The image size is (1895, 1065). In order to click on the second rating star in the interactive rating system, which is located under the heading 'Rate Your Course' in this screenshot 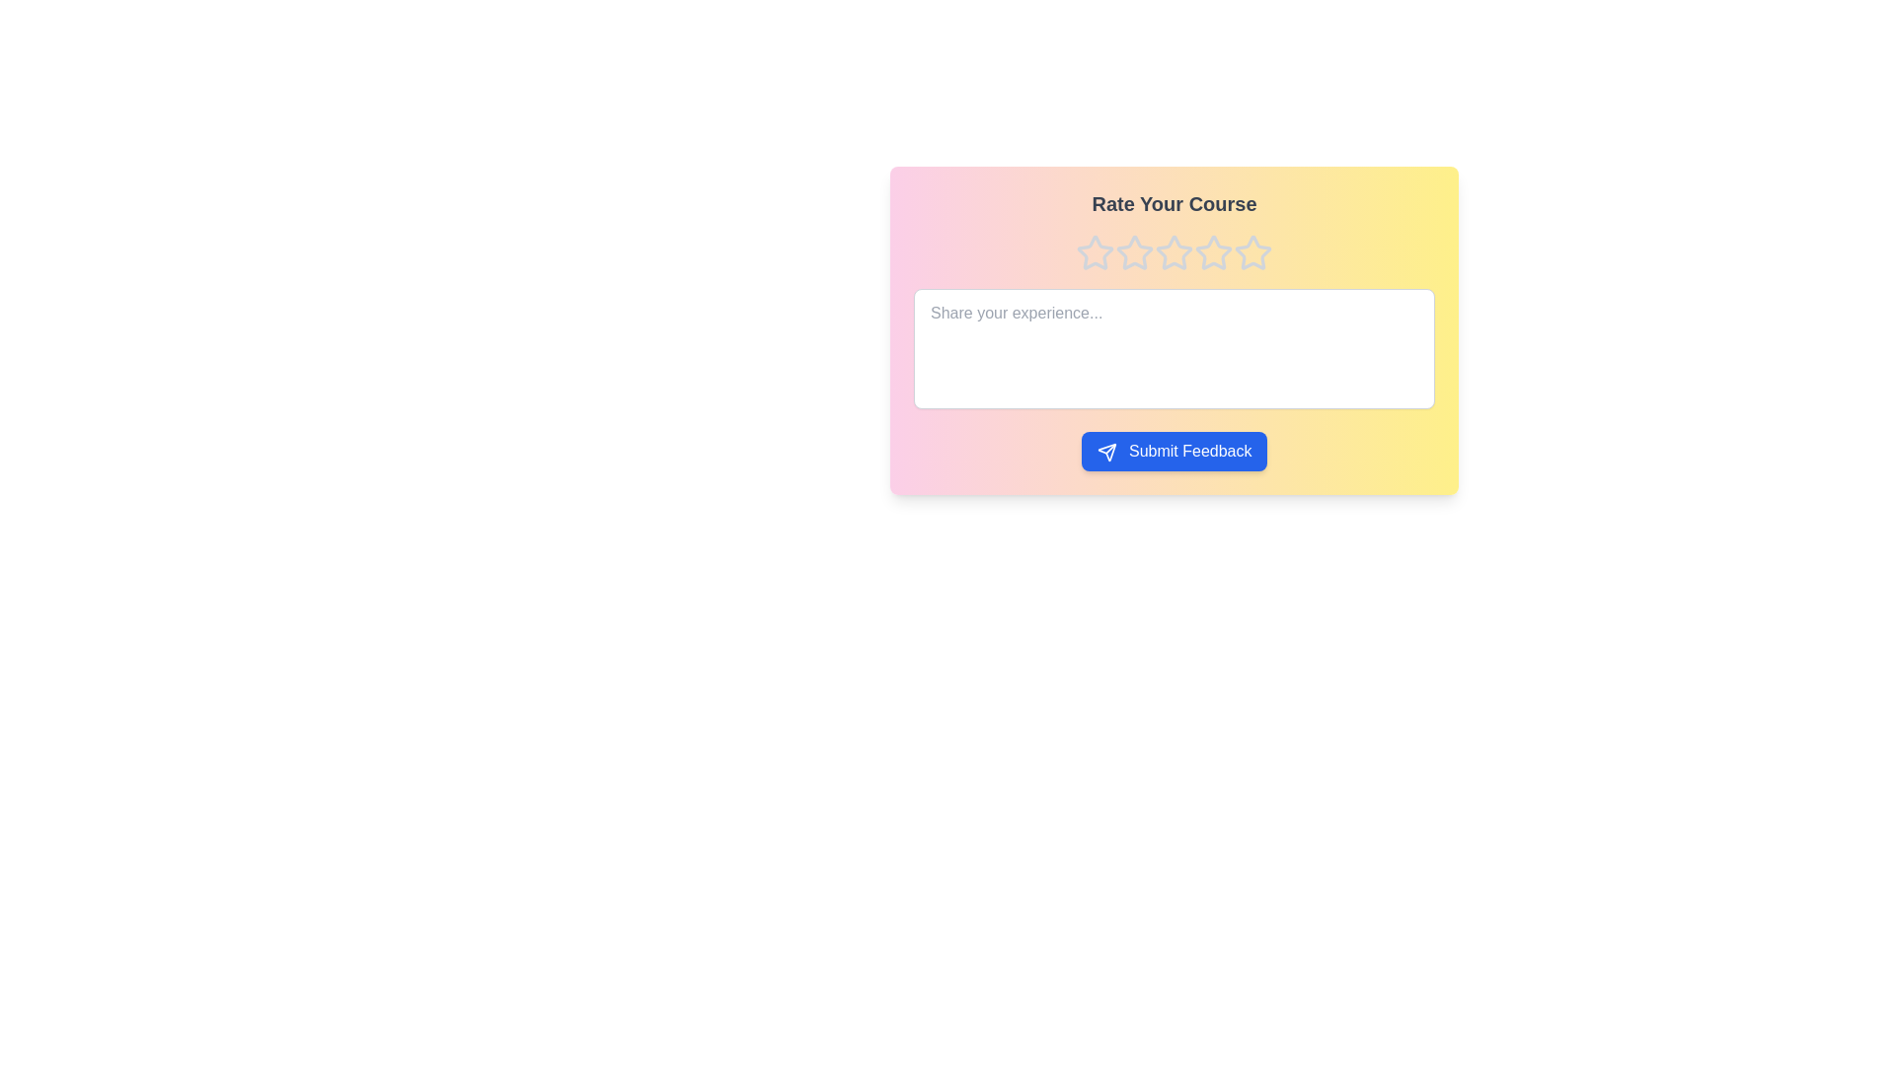, I will do `click(1135, 251)`.